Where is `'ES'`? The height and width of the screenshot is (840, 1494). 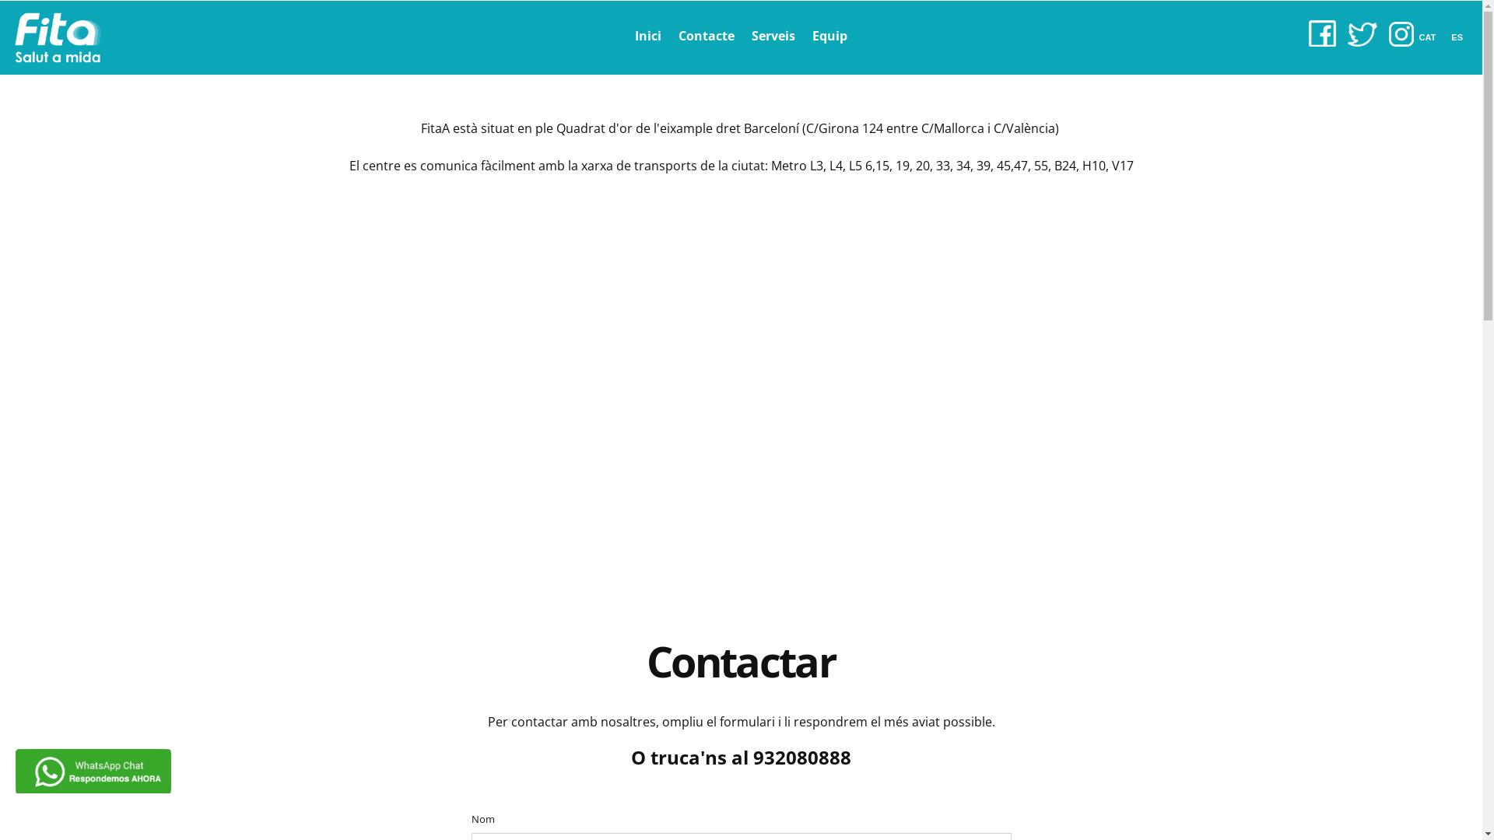
'ES' is located at coordinates (1460, 36).